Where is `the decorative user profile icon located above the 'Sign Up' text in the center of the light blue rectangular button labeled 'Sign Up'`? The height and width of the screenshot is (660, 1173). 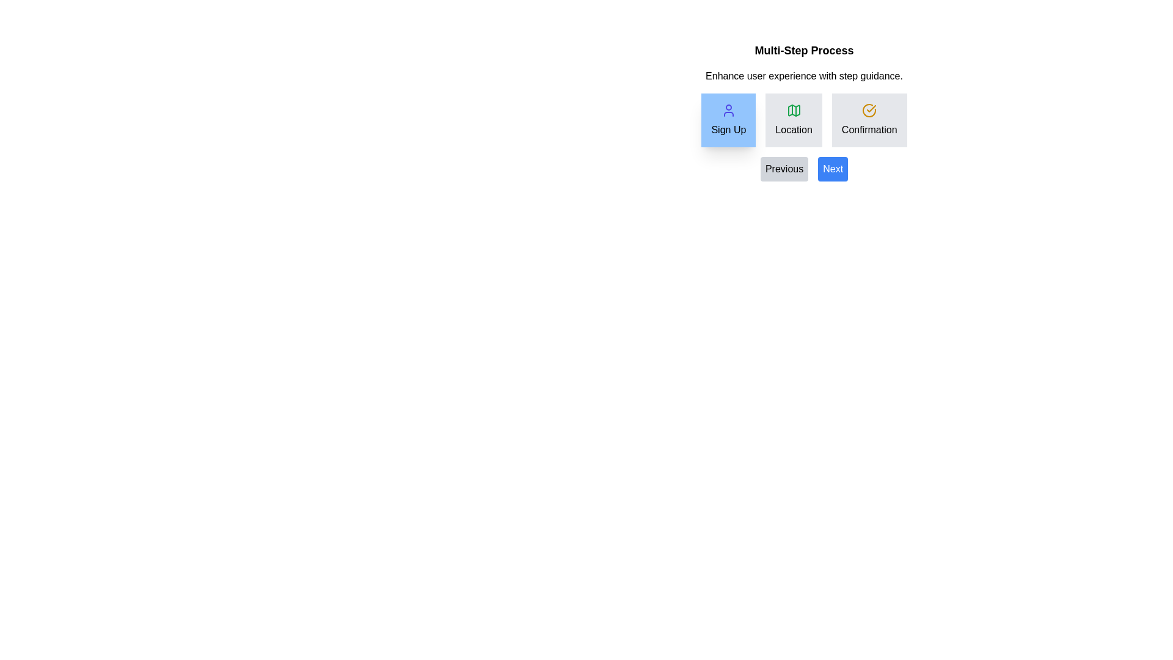
the decorative user profile icon located above the 'Sign Up' text in the center of the light blue rectangular button labeled 'Sign Up' is located at coordinates (728, 111).